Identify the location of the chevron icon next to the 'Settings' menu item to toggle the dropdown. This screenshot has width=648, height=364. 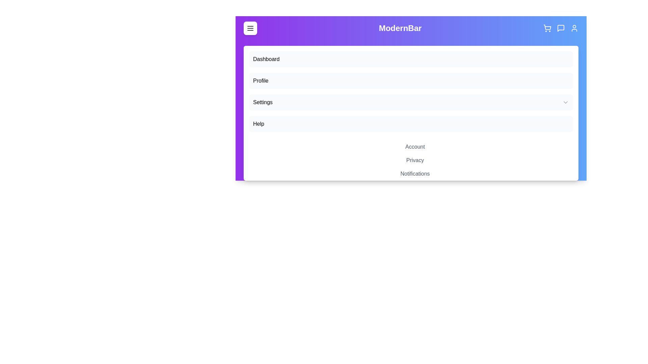
(565, 102).